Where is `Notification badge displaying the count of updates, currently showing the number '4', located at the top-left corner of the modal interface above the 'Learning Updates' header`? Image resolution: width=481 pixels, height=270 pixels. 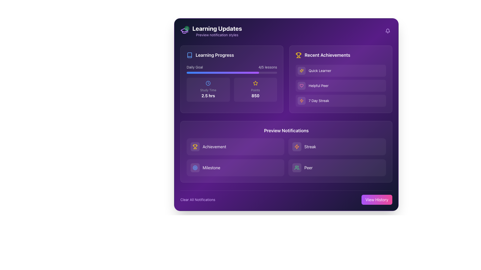
Notification badge displaying the count of updates, currently showing the number '4', located at the top-left corner of the modal interface above the 'Learning Updates' header is located at coordinates (184, 31).